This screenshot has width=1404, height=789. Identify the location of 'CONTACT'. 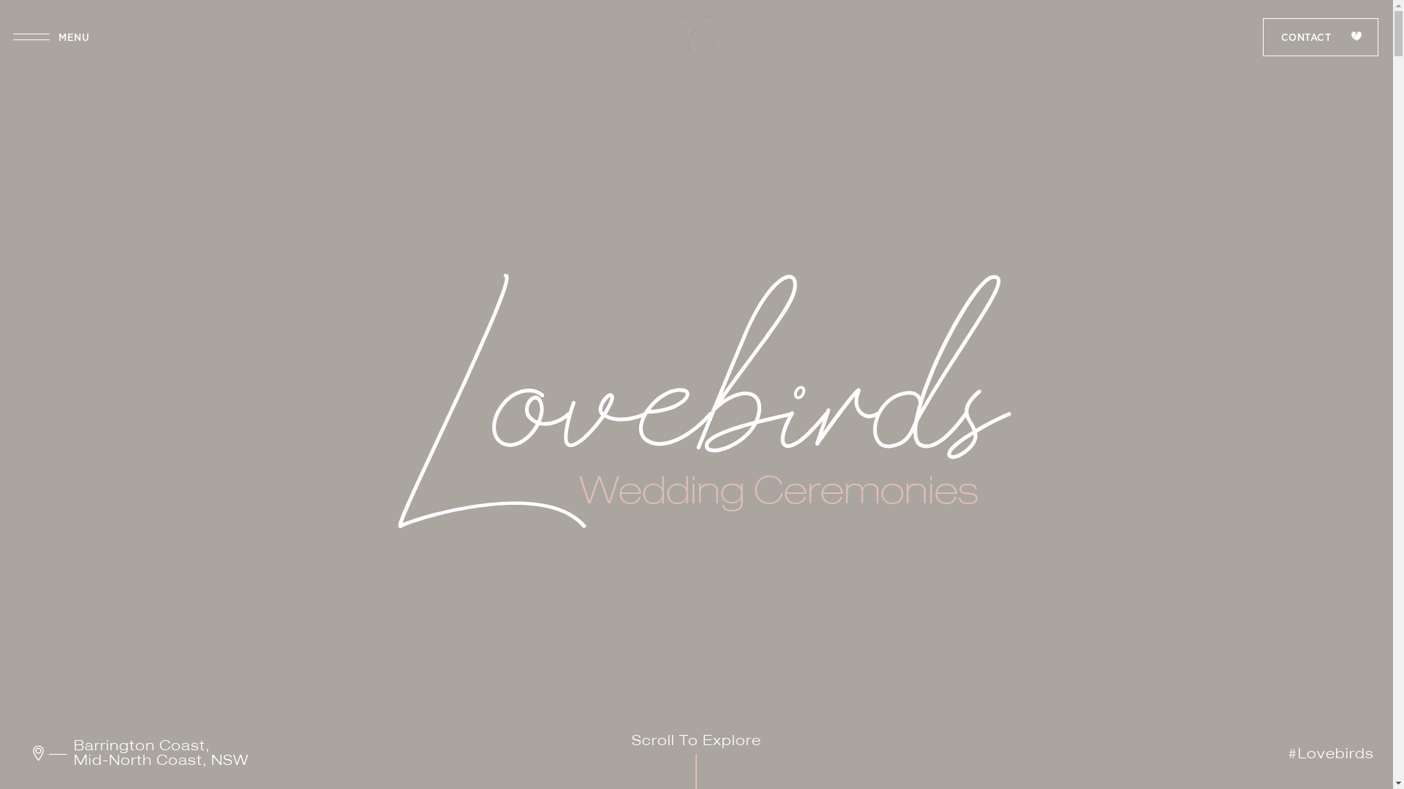
(1320, 36).